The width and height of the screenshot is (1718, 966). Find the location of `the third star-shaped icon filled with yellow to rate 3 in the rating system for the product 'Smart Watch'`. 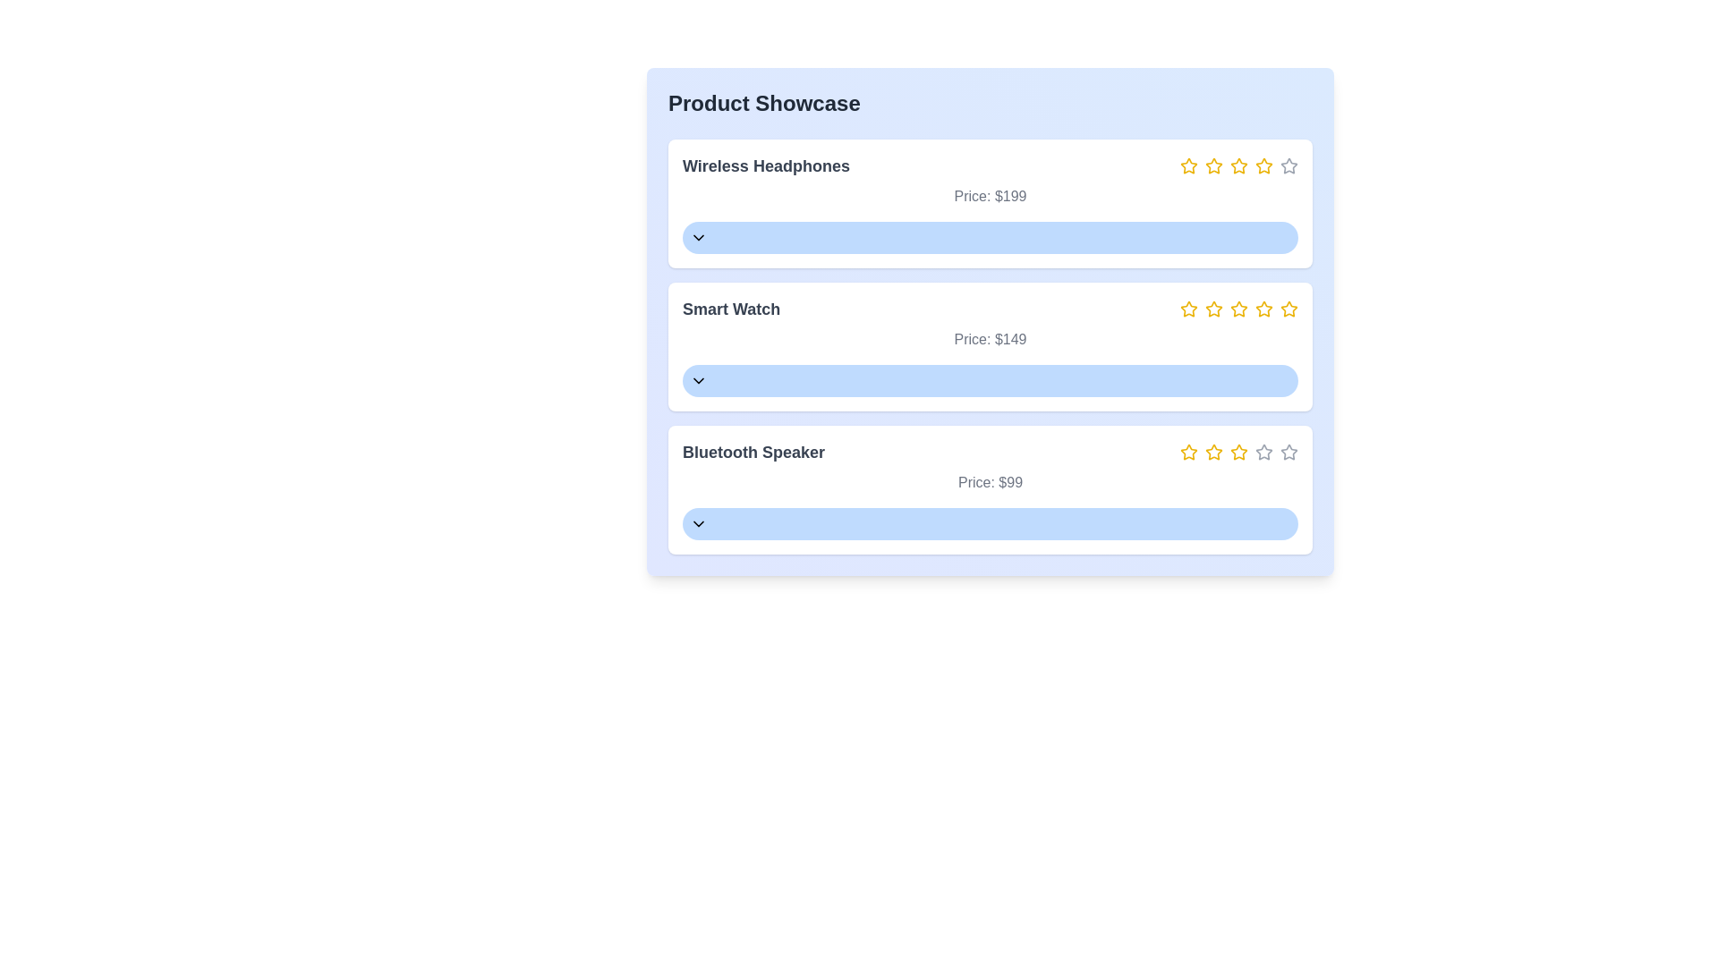

the third star-shaped icon filled with yellow to rate 3 in the rating system for the product 'Smart Watch' is located at coordinates (1213, 307).